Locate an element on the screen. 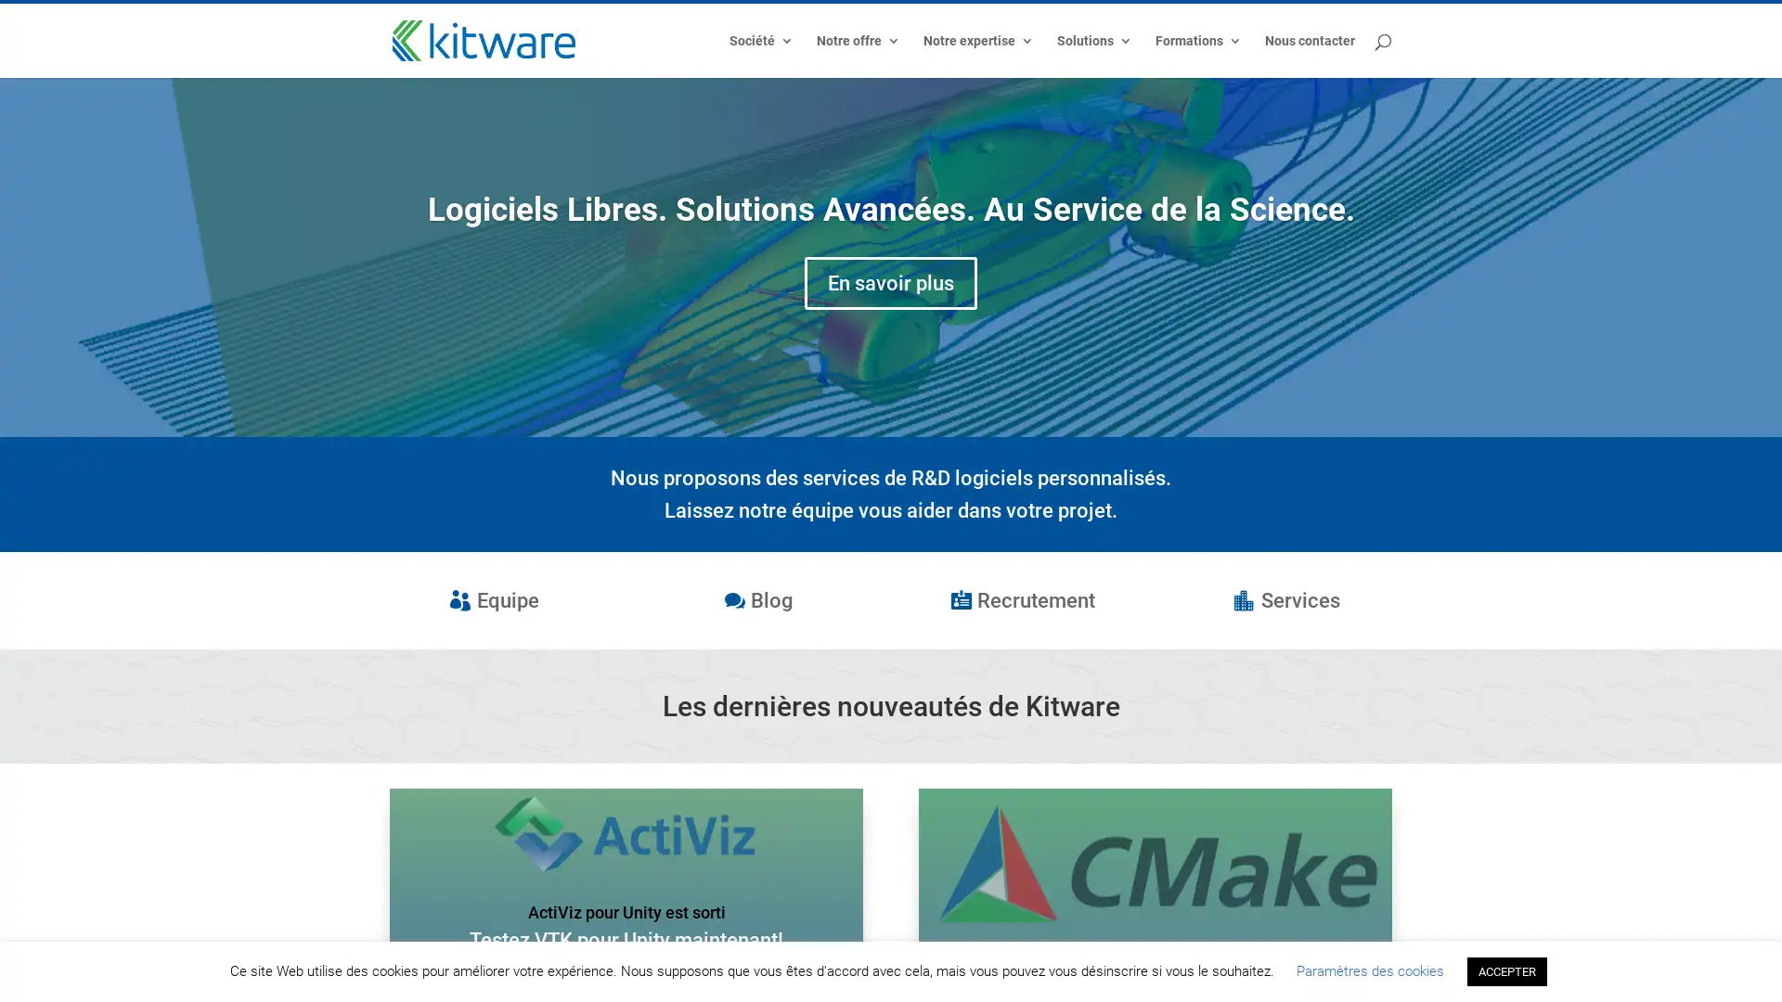 This screenshot has height=1002, width=1782. ACCEPTER is located at coordinates (1506, 970).